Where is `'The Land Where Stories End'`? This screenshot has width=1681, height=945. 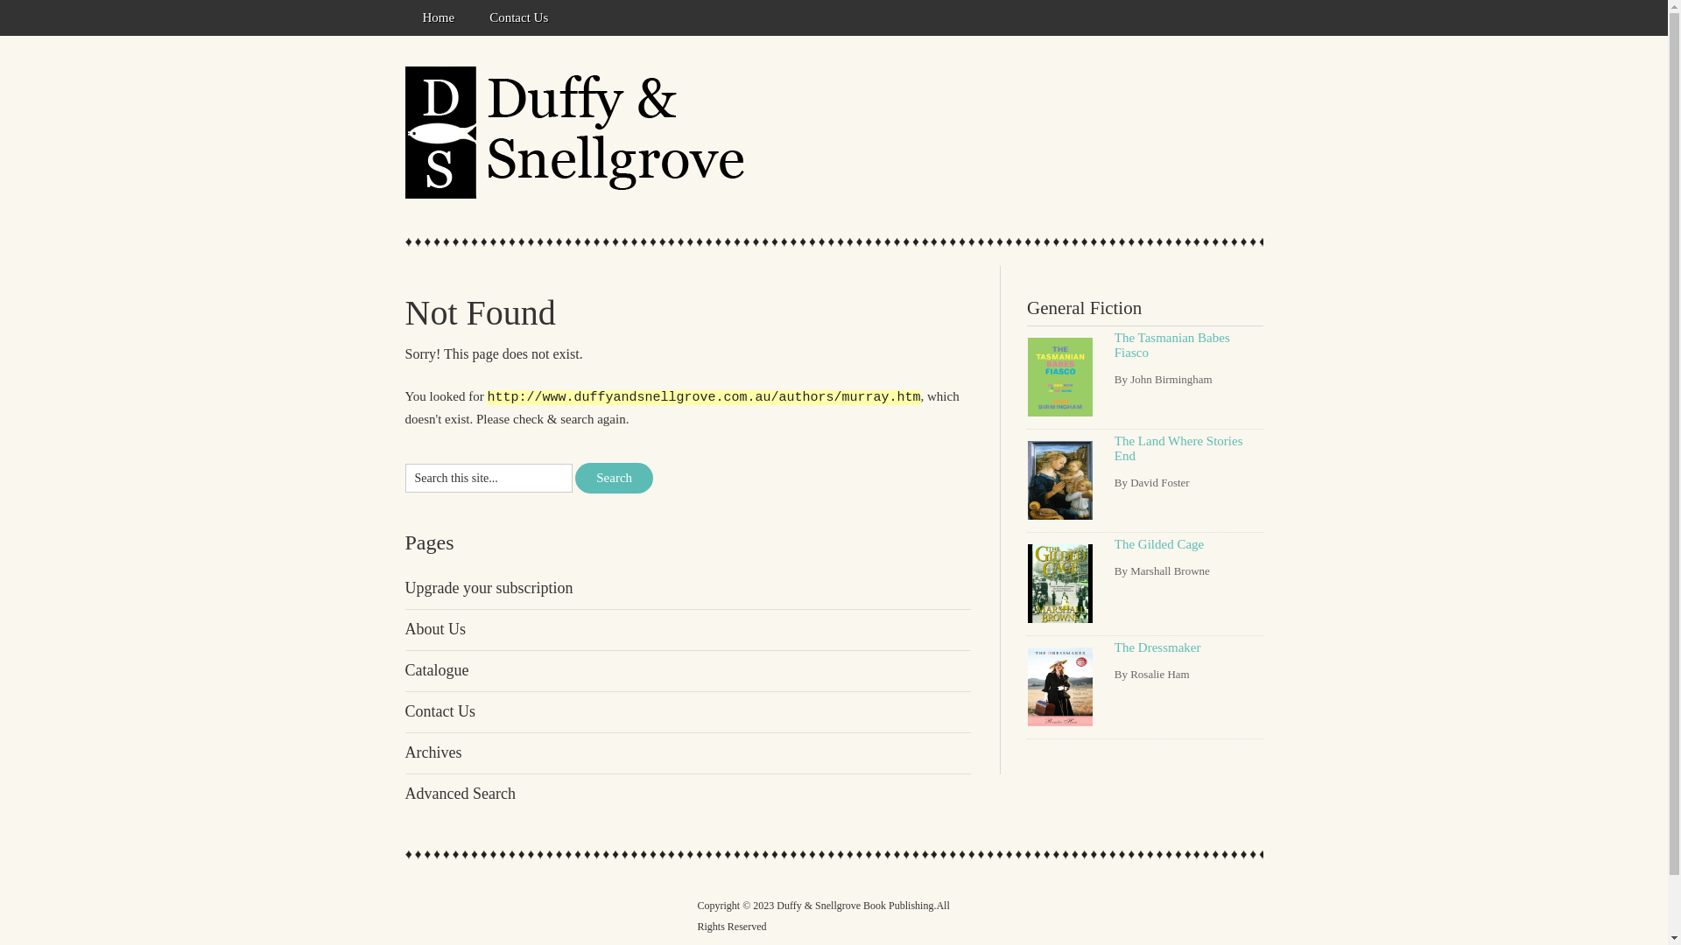 'The Land Where Stories End' is located at coordinates (1178, 447).